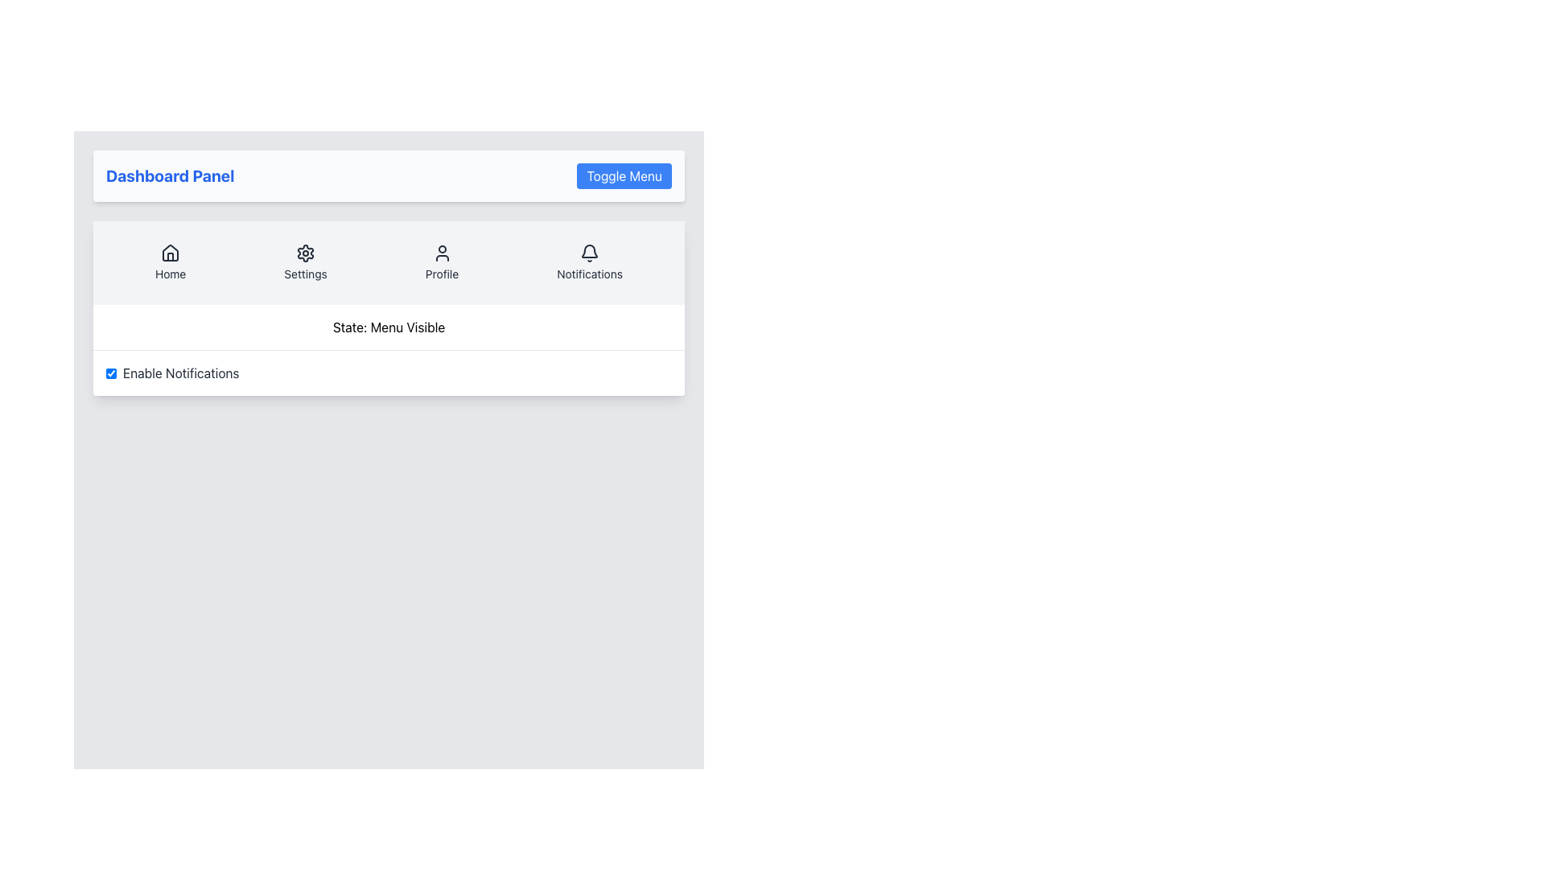 This screenshot has height=869, width=1545. I want to click on the 'Home' text label in the top menu section, which indicates the purpose of the navigation option, so click(171, 273).